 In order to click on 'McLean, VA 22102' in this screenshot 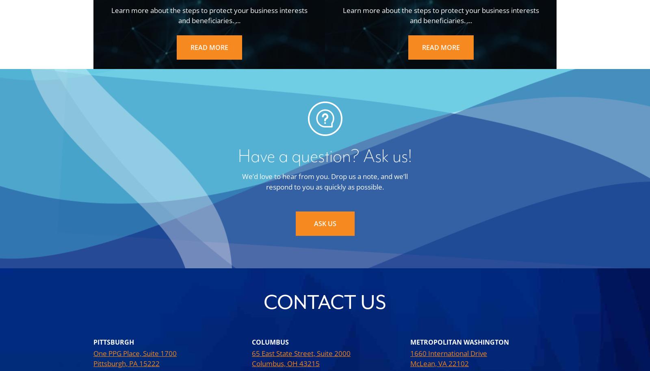, I will do `click(440, 363)`.